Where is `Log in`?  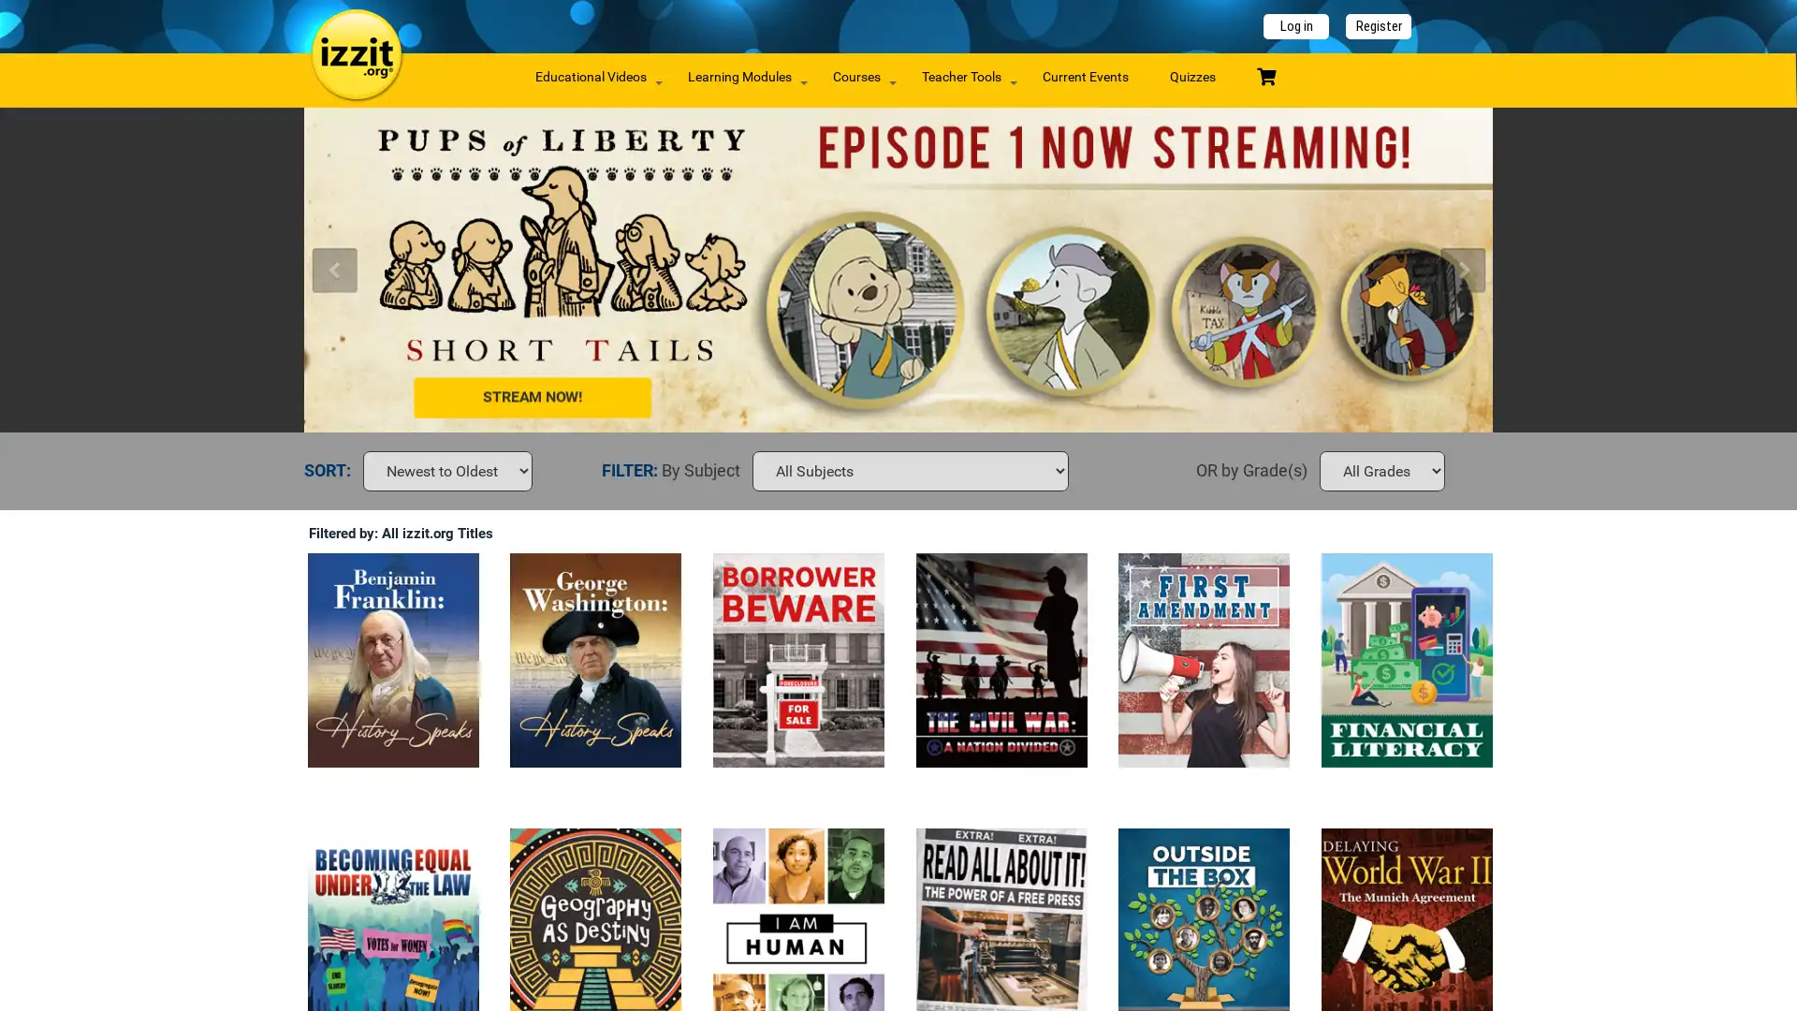 Log in is located at coordinates (1295, 26).